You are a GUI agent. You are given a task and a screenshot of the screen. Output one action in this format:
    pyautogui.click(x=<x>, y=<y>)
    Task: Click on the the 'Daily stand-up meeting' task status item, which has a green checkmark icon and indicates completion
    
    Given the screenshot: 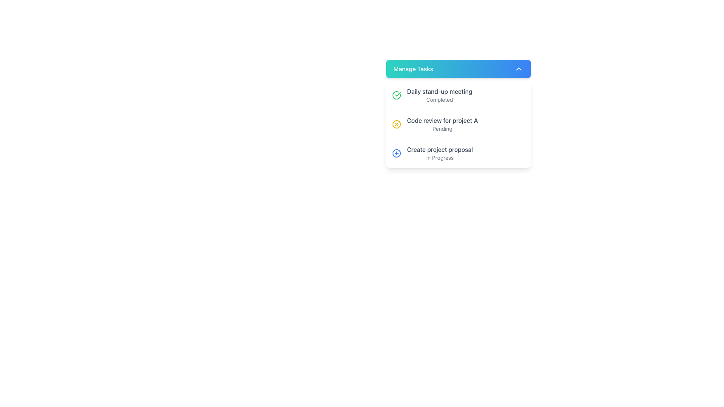 What is the action you would take?
    pyautogui.click(x=458, y=95)
    